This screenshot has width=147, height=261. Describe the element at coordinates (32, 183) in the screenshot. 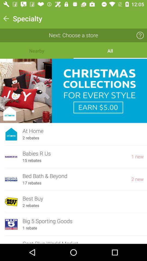

I see `the icon next to 2 new icon` at that location.